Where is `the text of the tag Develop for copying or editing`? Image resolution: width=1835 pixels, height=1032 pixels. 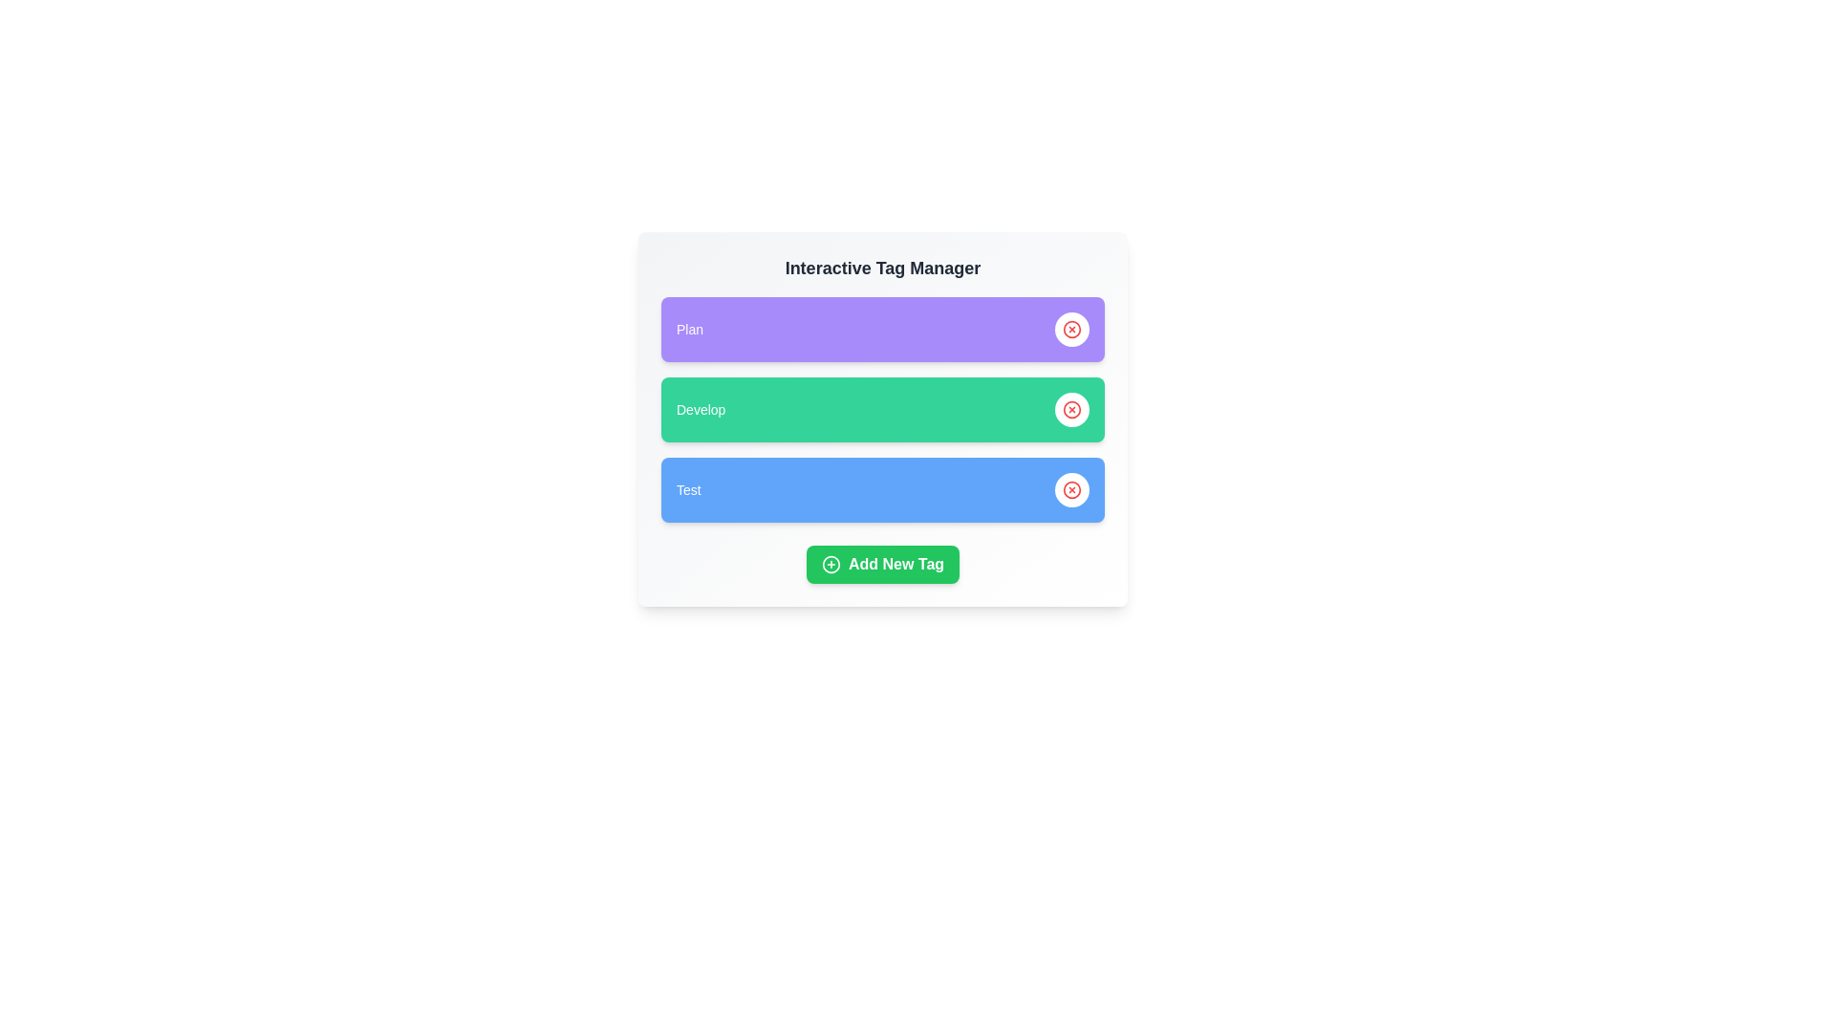
the text of the tag Develop for copying or editing is located at coordinates (700, 408).